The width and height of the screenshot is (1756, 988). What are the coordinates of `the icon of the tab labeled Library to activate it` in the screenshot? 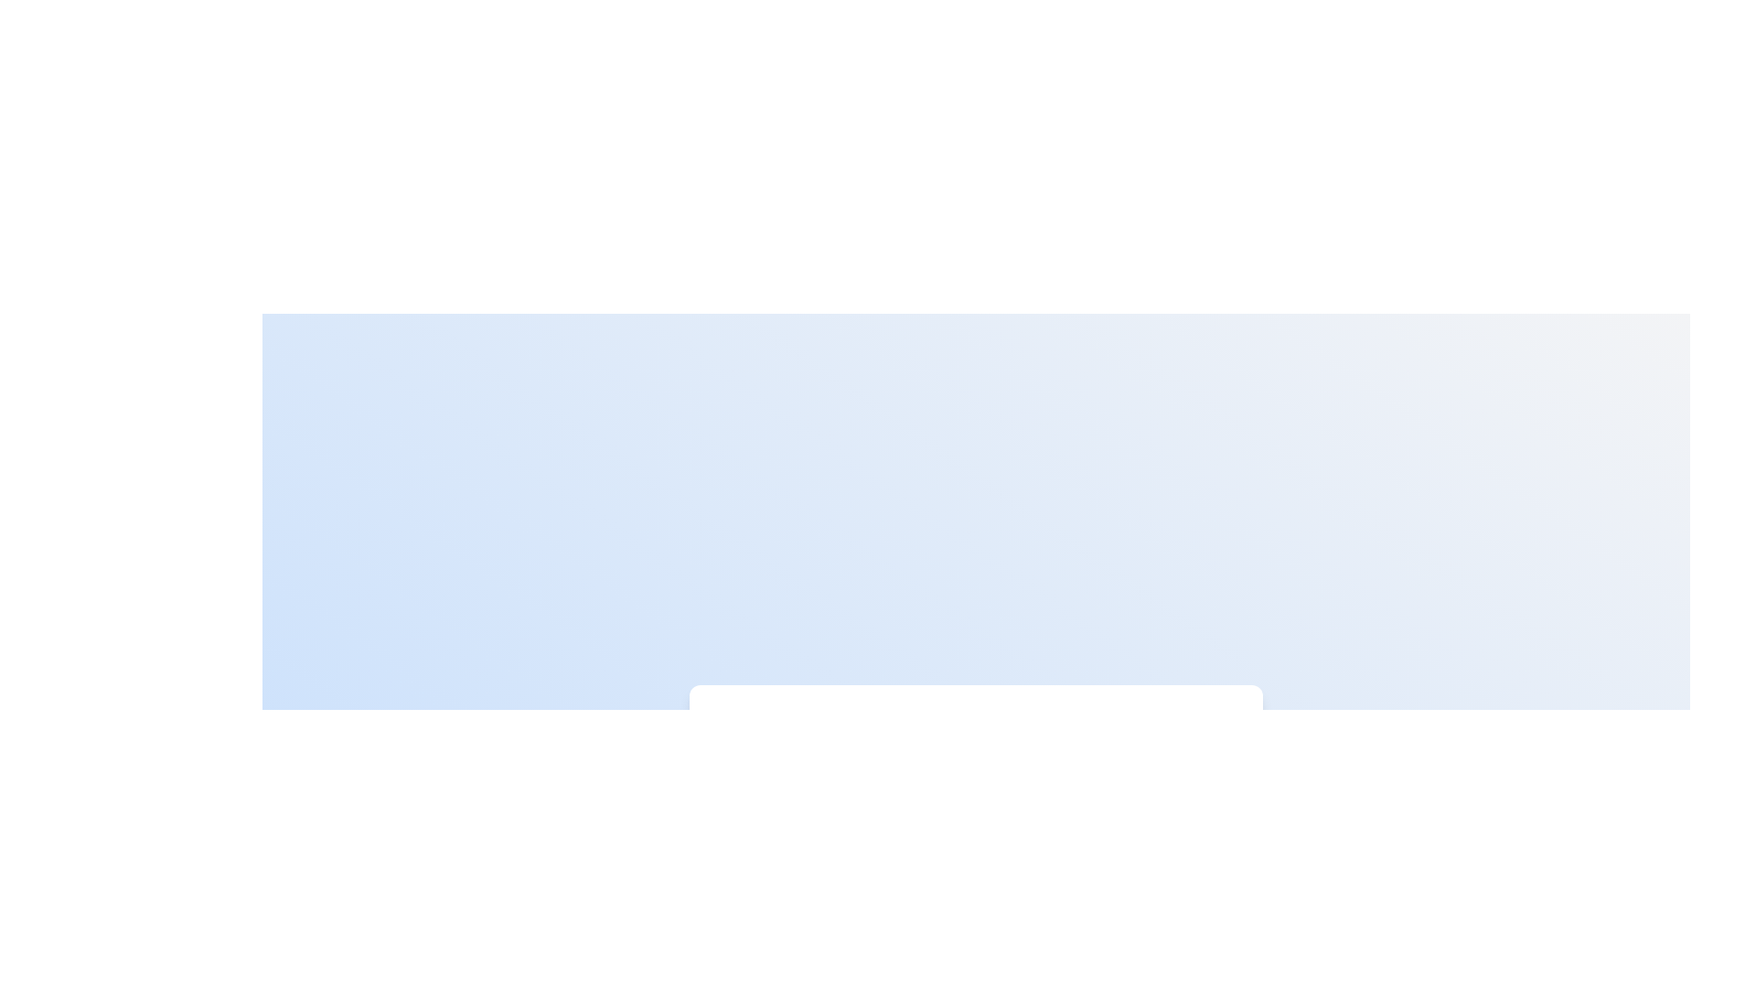 It's located at (1021, 736).